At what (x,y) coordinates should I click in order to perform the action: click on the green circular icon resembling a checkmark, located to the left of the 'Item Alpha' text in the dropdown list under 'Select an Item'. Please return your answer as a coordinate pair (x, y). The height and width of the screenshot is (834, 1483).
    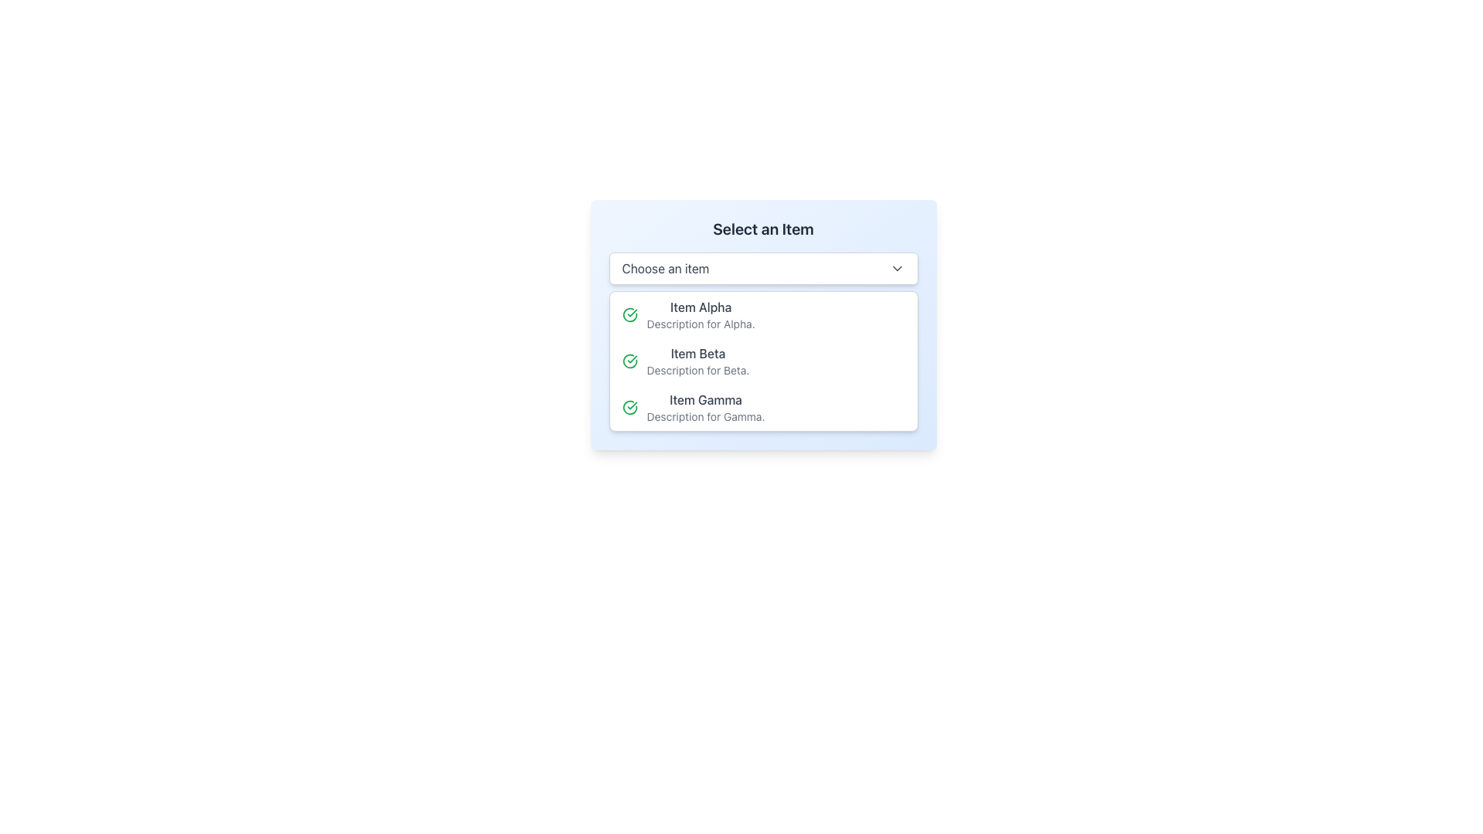
    Looking at the image, I should click on (630, 314).